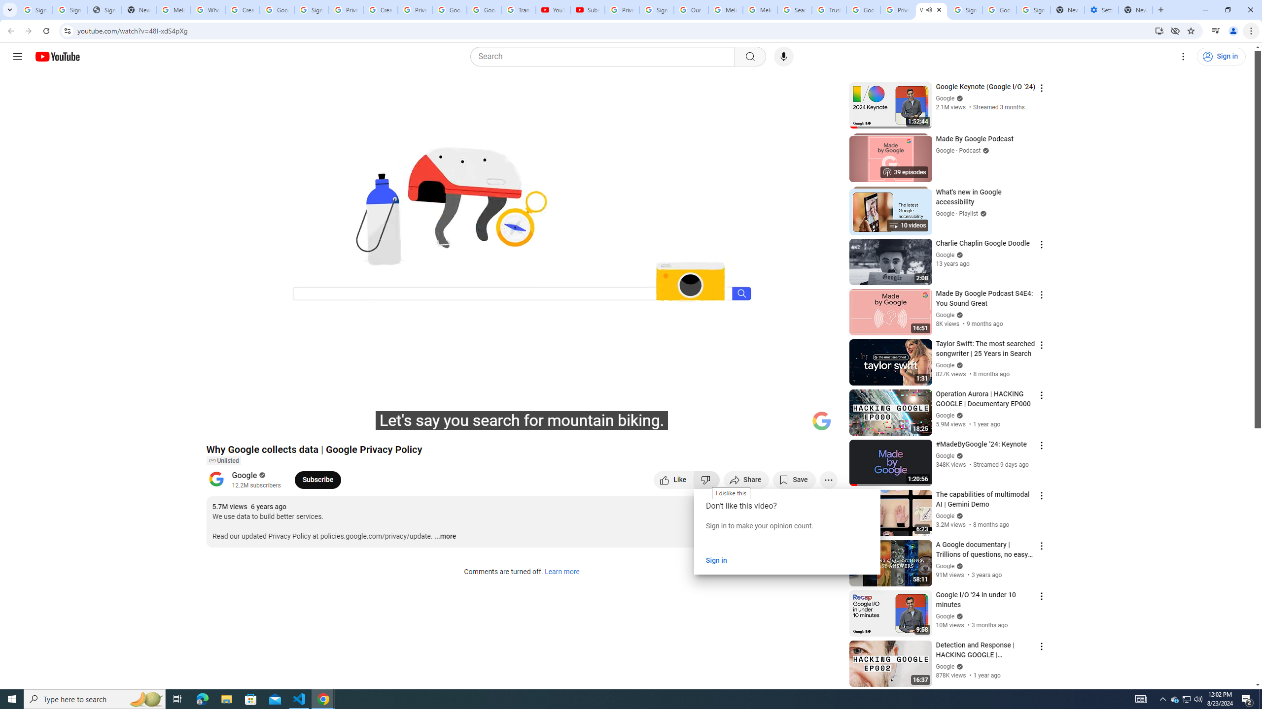 Image resolution: width=1262 pixels, height=709 pixels. Describe the element at coordinates (796, 424) in the screenshot. I see `'Theater mode (t)'` at that location.